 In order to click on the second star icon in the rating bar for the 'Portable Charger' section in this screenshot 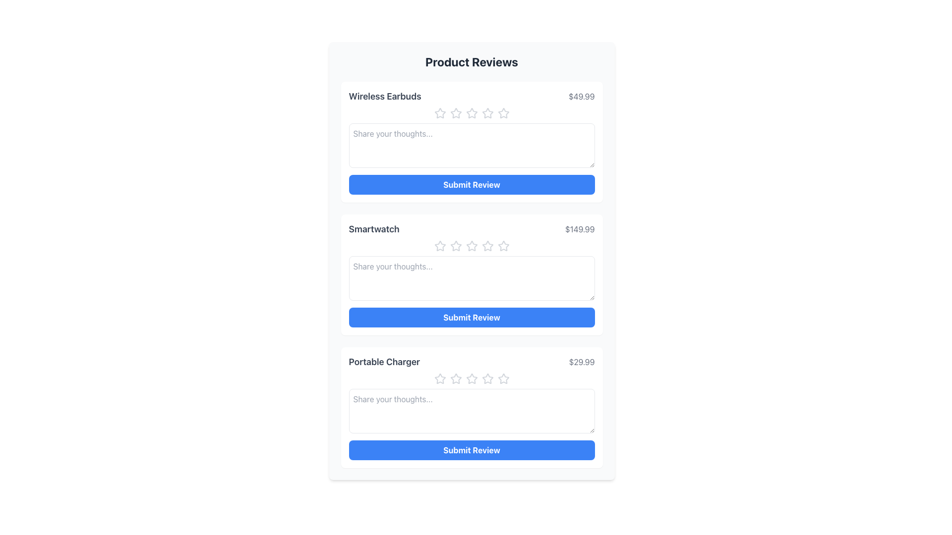, I will do `click(455, 378)`.